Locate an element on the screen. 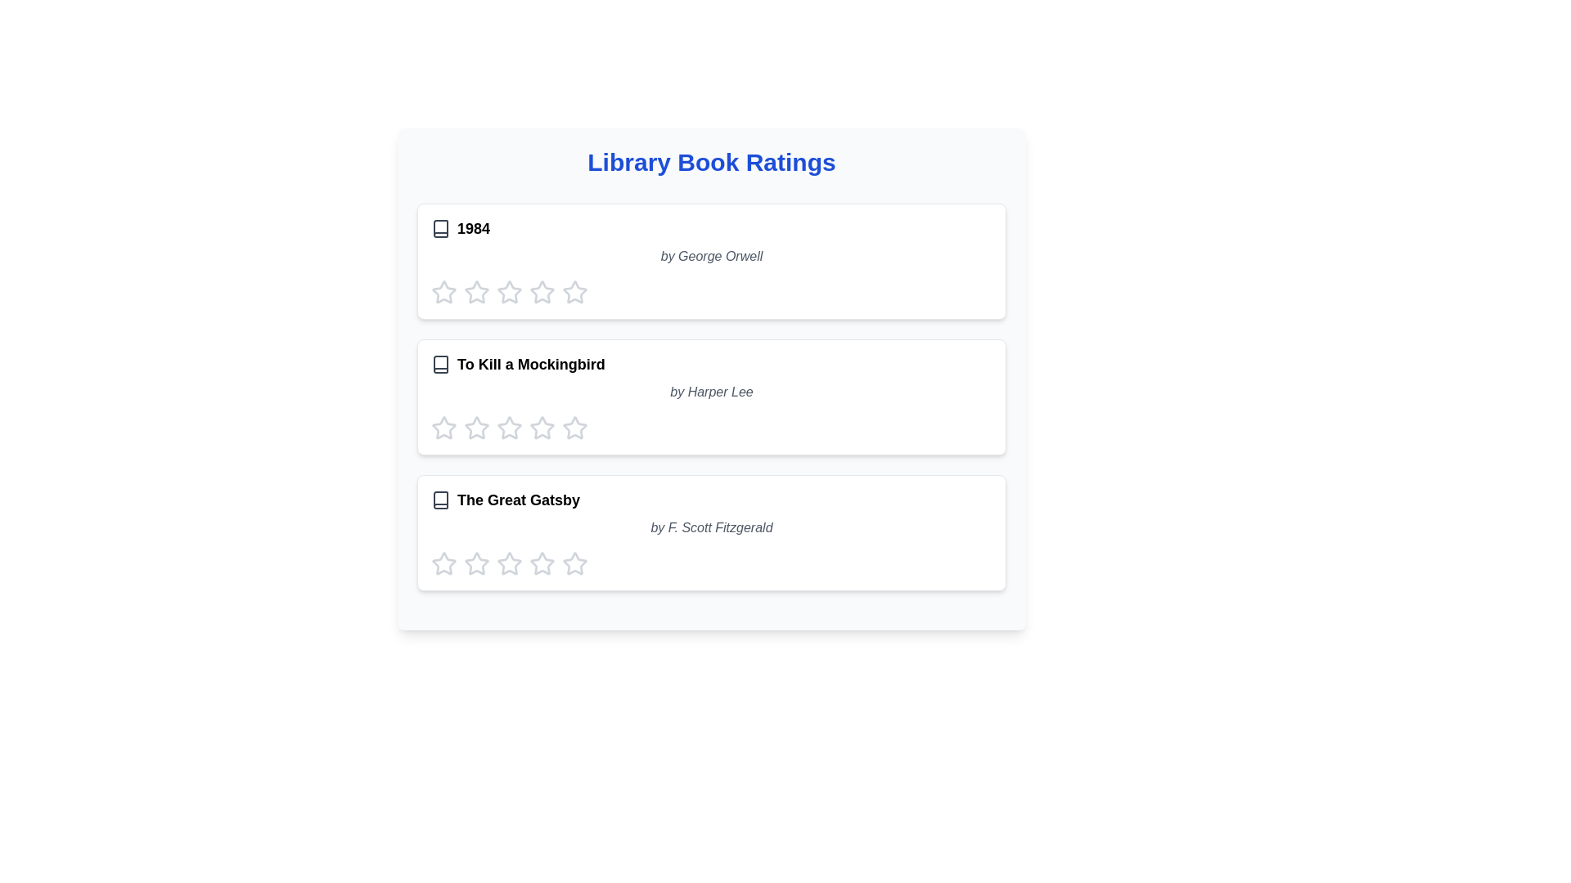 The height and width of the screenshot is (883, 1571). the italicized text label "by Harper Lee" styled in gray, located below the title "To Kill a Mockingbird" and above the star rating row is located at coordinates (711, 392).